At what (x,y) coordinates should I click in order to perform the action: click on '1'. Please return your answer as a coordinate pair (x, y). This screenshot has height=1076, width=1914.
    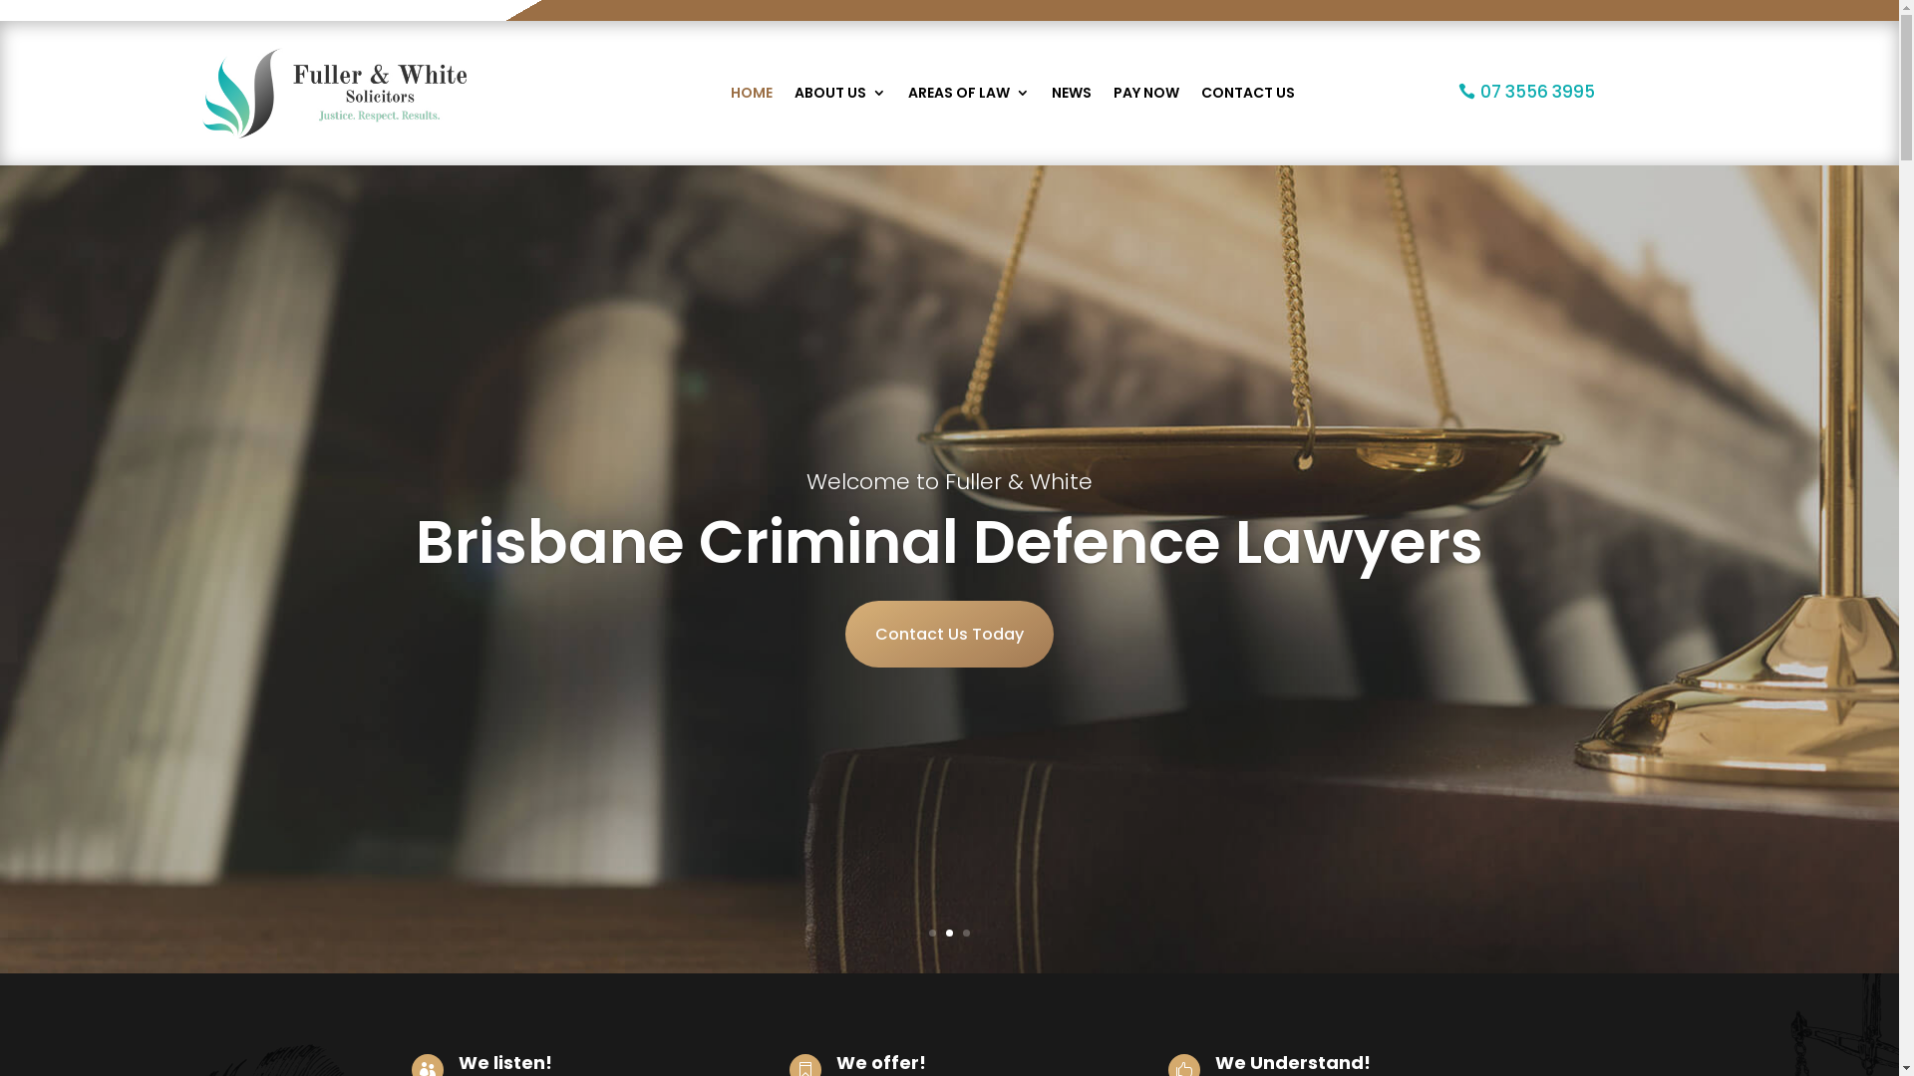
    Looking at the image, I should click on (927, 933).